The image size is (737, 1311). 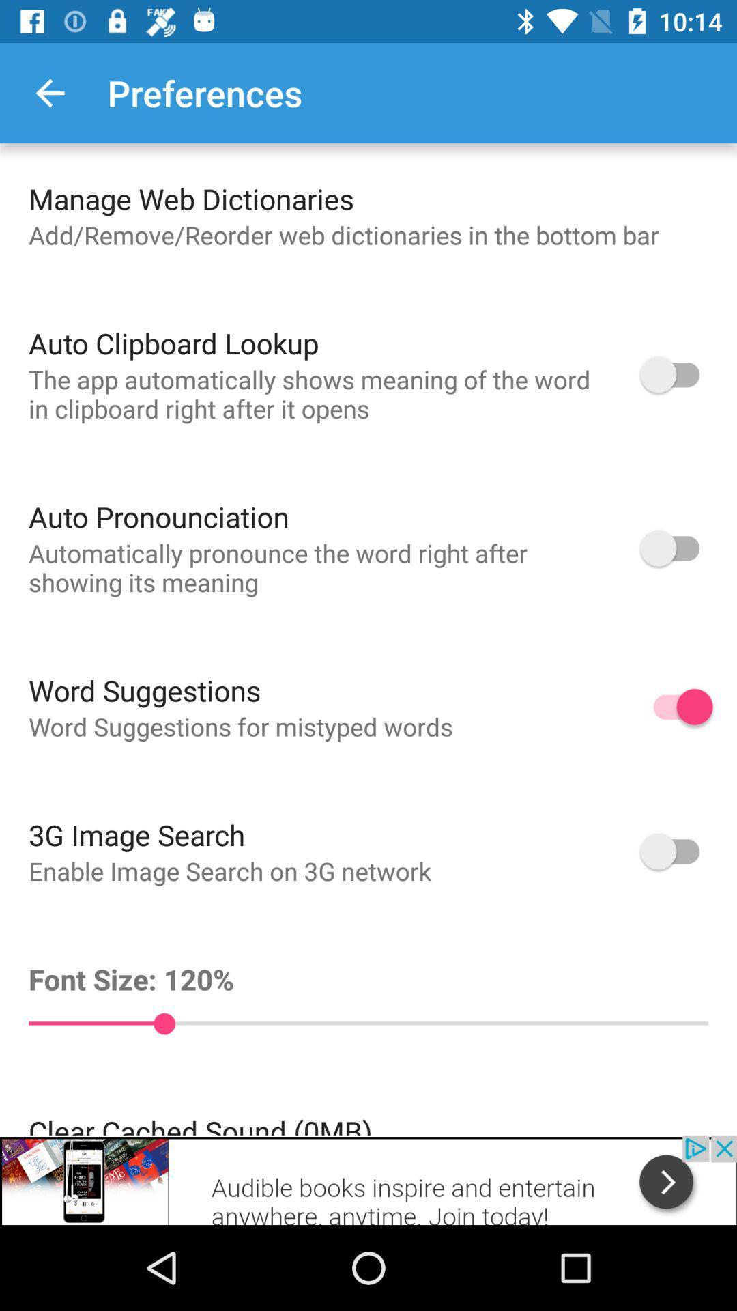 I want to click on details about advertisement, so click(x=369, y=1179).